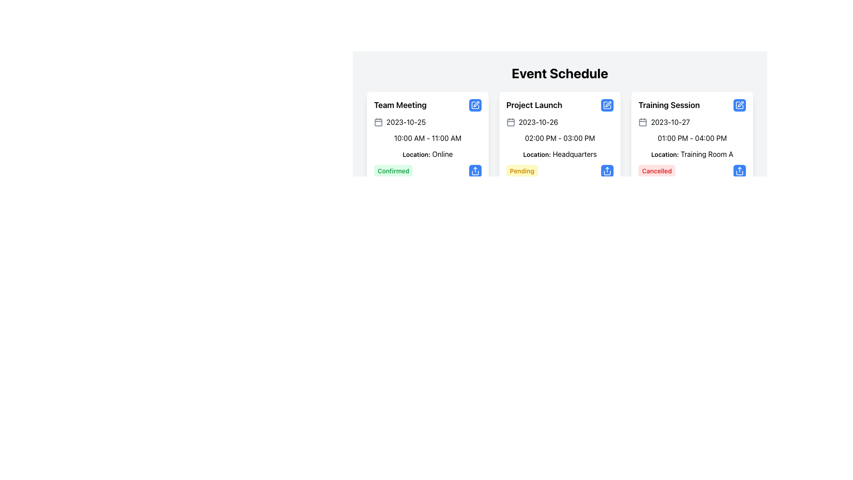 This screenshot has width=853, height=480. Describe the element at coordinates (559, 138) in the screenshot. I see `the text label displaying '02:00 PM - 03:00 PM' to access adjacent contextual elements in the 'Project Launch' card under the 'Event Schedule' heading` at that location.